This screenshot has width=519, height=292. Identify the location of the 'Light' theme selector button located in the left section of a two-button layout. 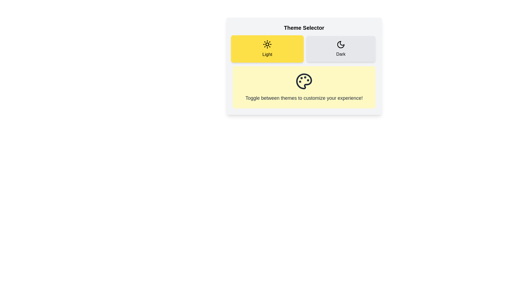
(267, 49).